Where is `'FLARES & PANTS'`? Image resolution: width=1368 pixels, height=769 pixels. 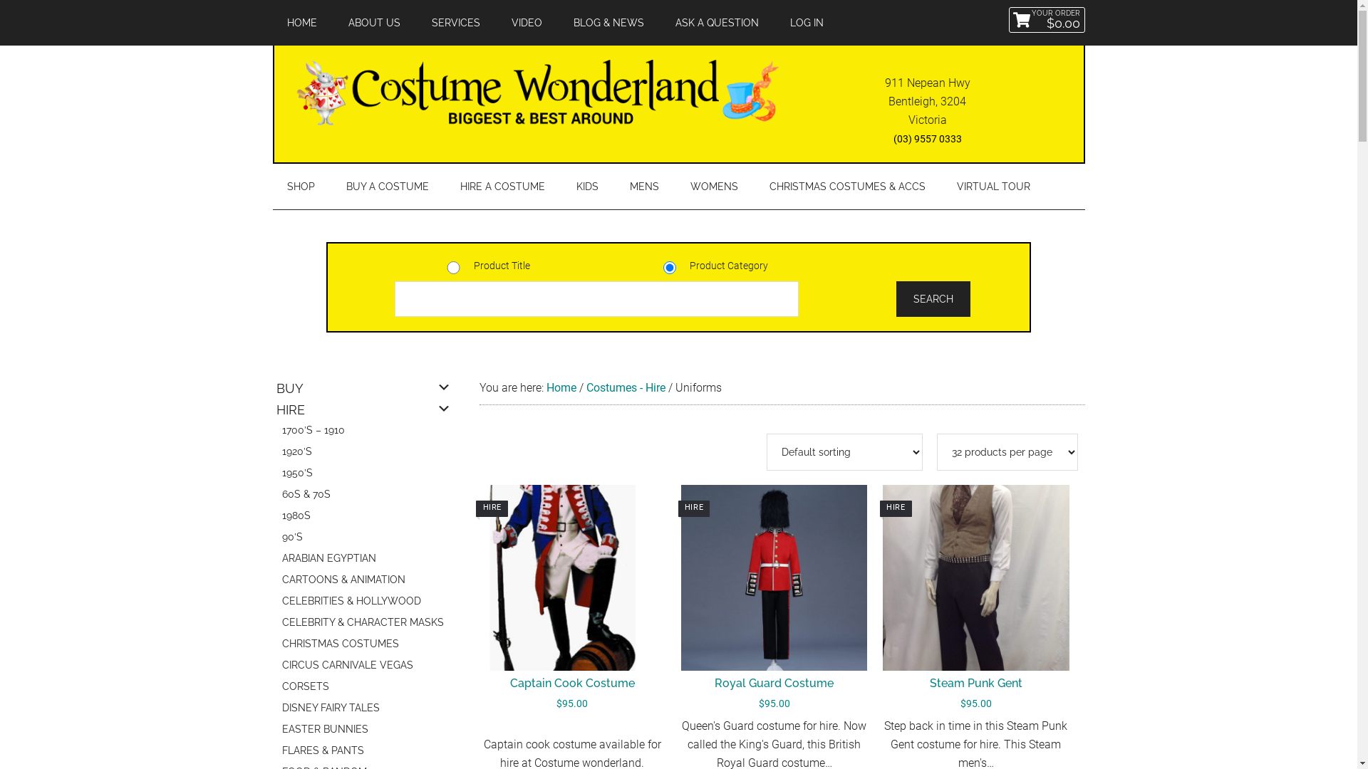
'FLARES & PANTS' is located at coordinates (363, 751).